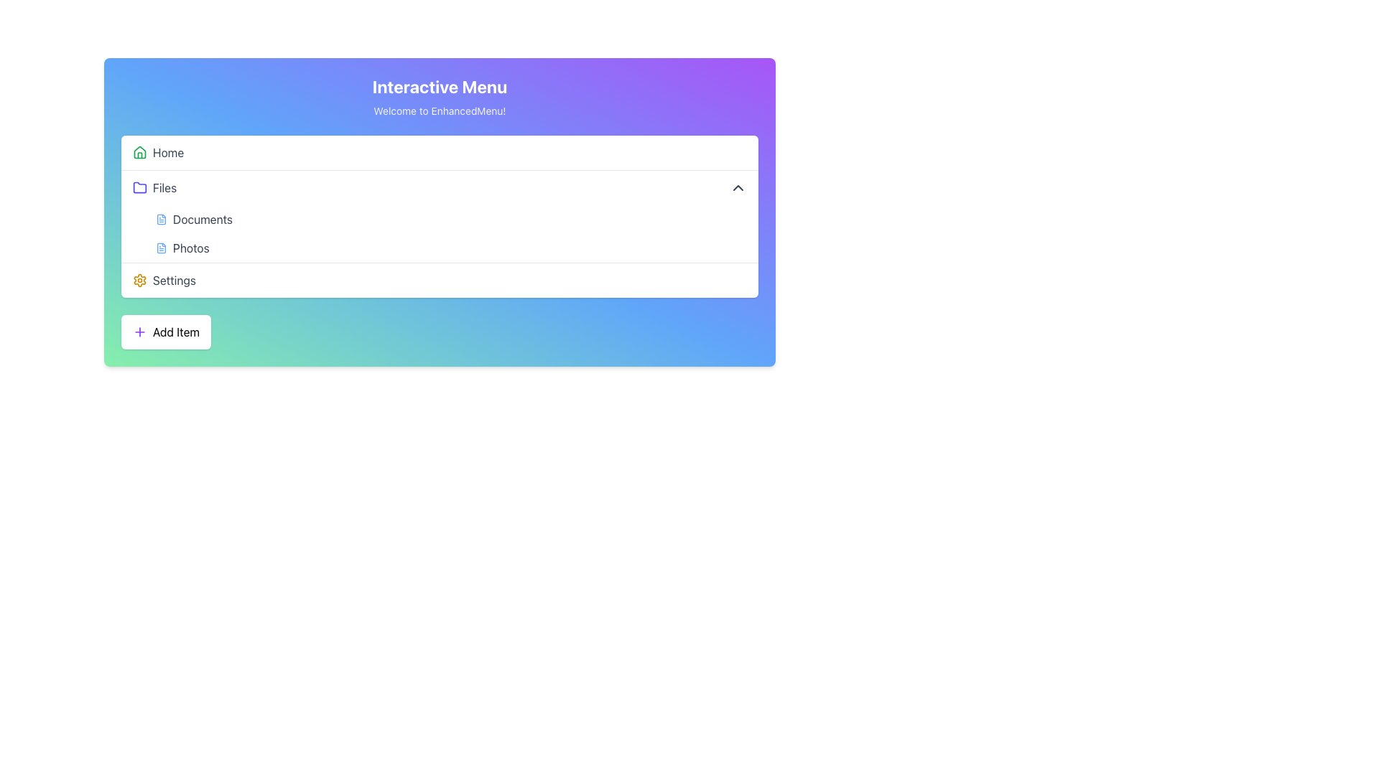  Describe the element at coordinates (439, 280) in the screenshot. I see `the settings button located at the bottom of a vertical list of options` at that location.